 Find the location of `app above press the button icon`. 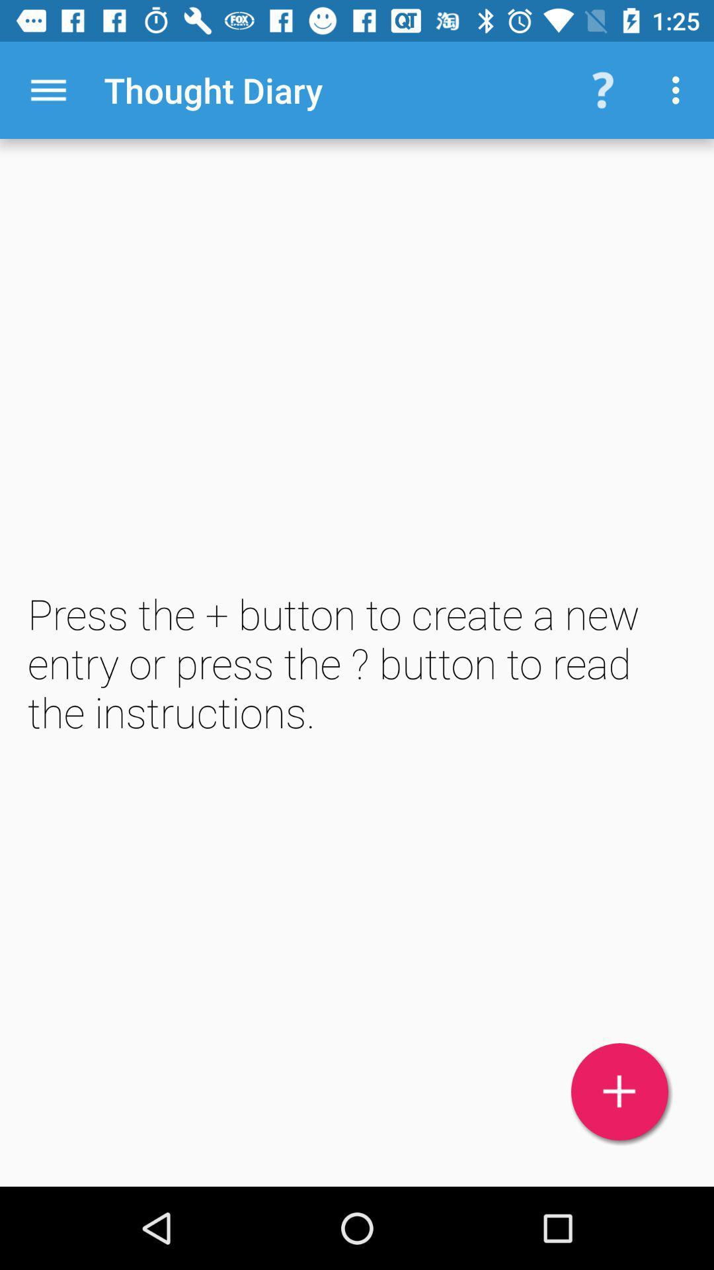

app above press the button icon is located at coordinates (48, 89).